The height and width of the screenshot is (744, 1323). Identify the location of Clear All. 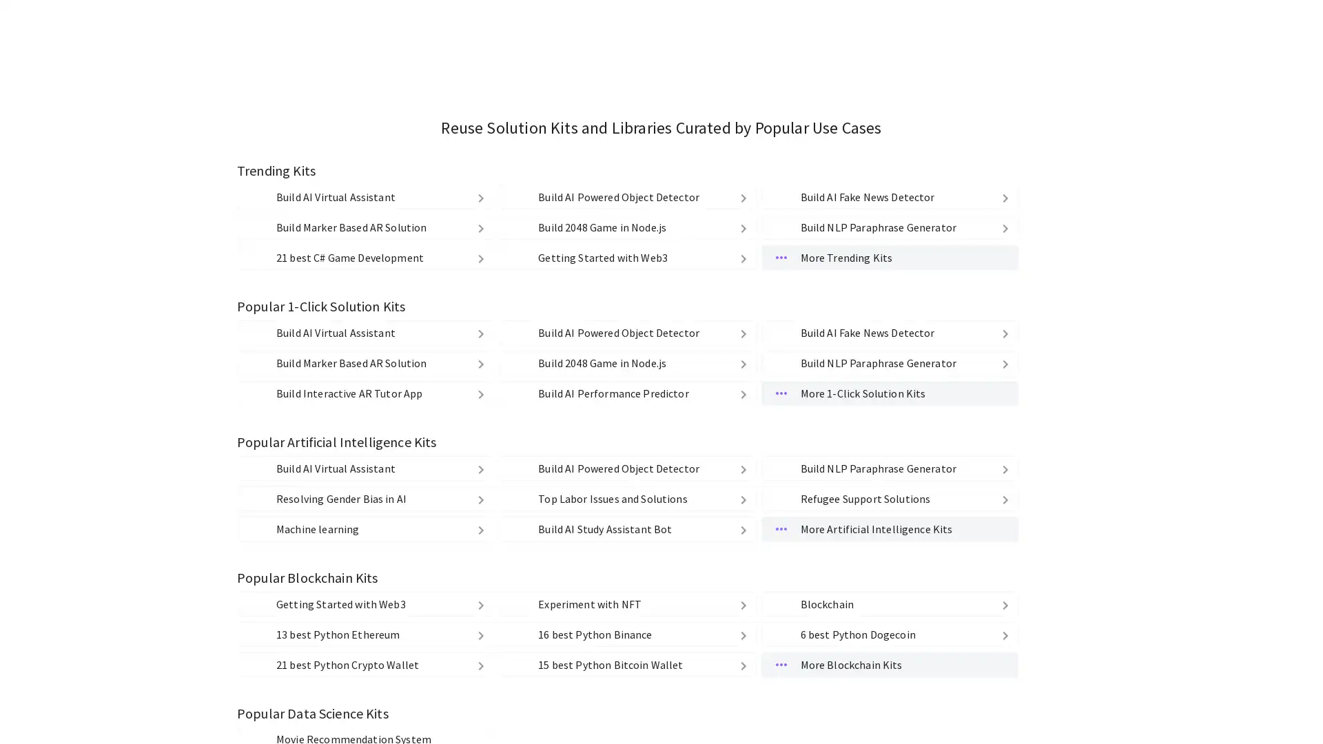
(1045, 302).